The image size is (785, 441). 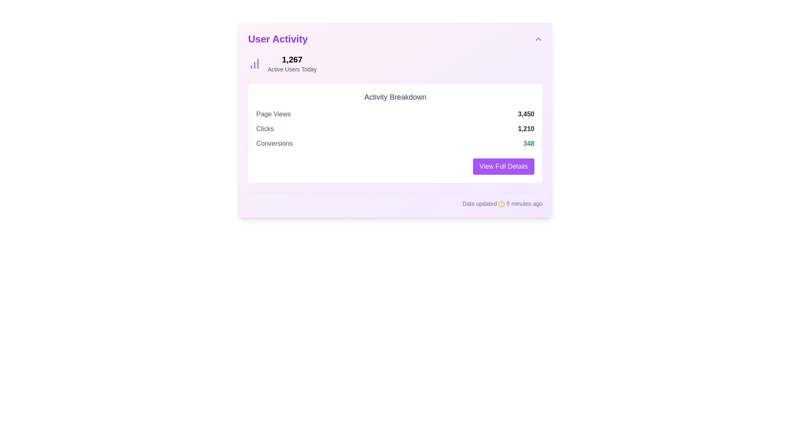 What do you see at coordinates (292, 59) in the screenshot?
I see `the bold, large-sized text label displaying the number '1,267' at the top center of the 'User Activity' card section` at bounding box center [292, 59].